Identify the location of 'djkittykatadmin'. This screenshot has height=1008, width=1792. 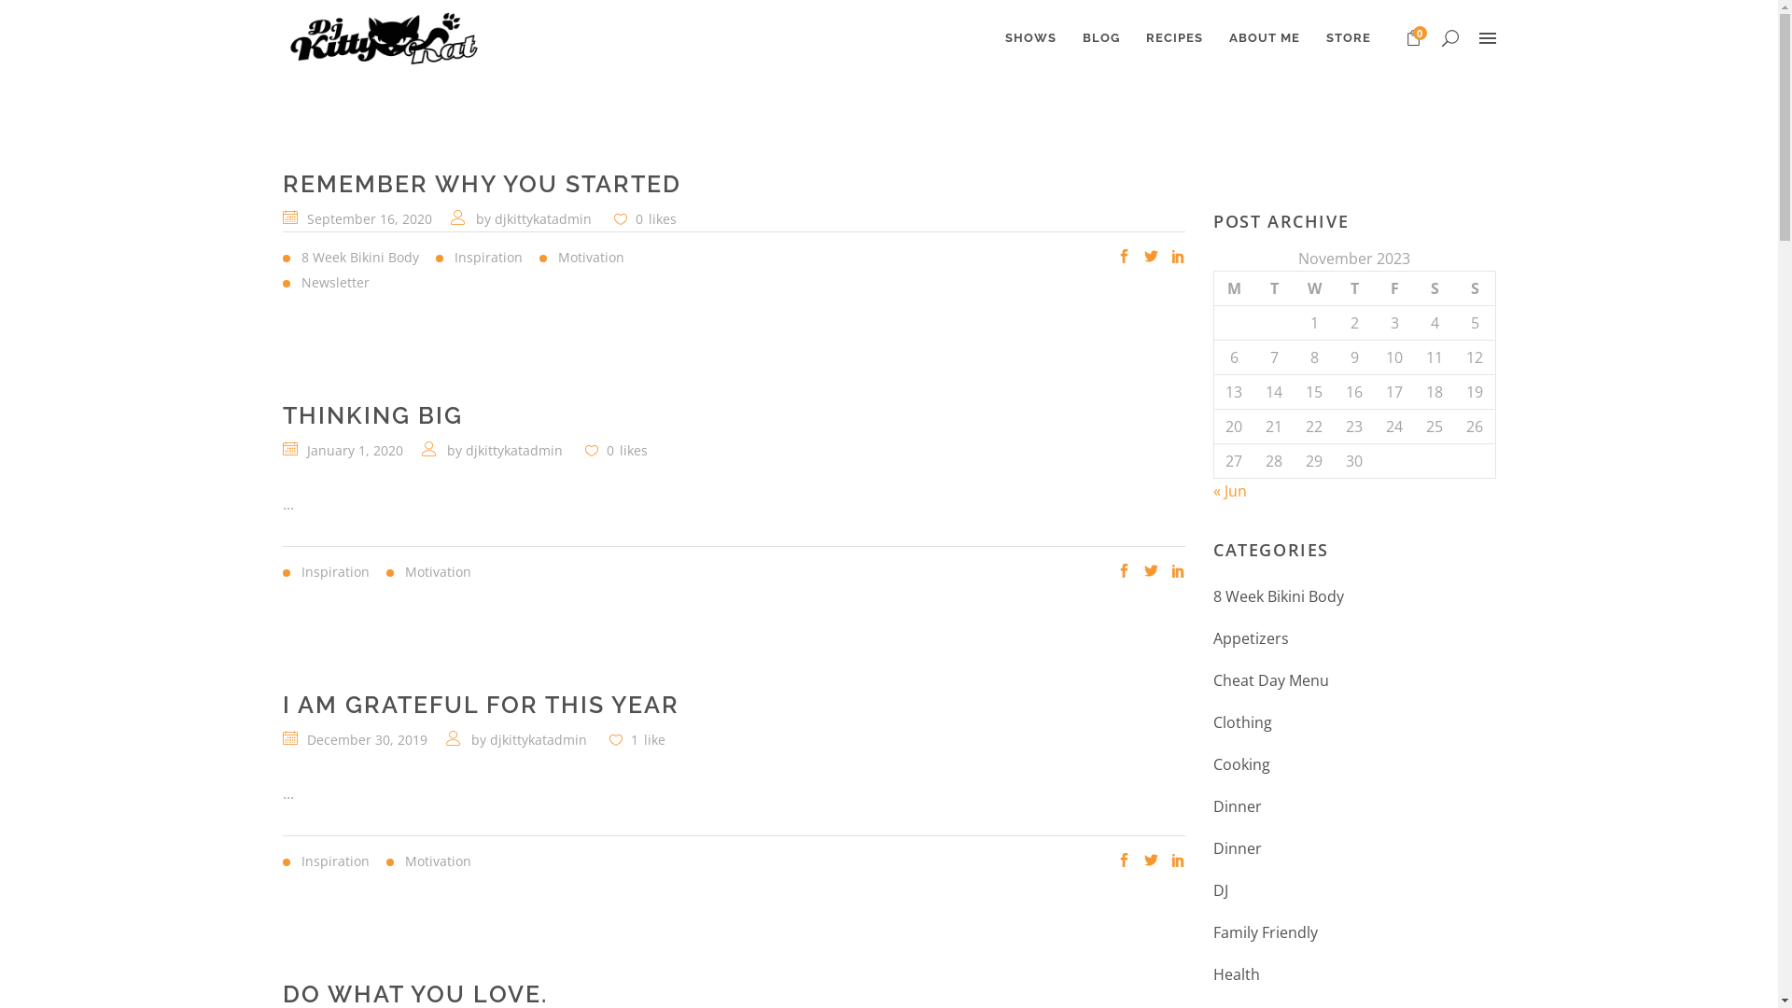
(541, 217).